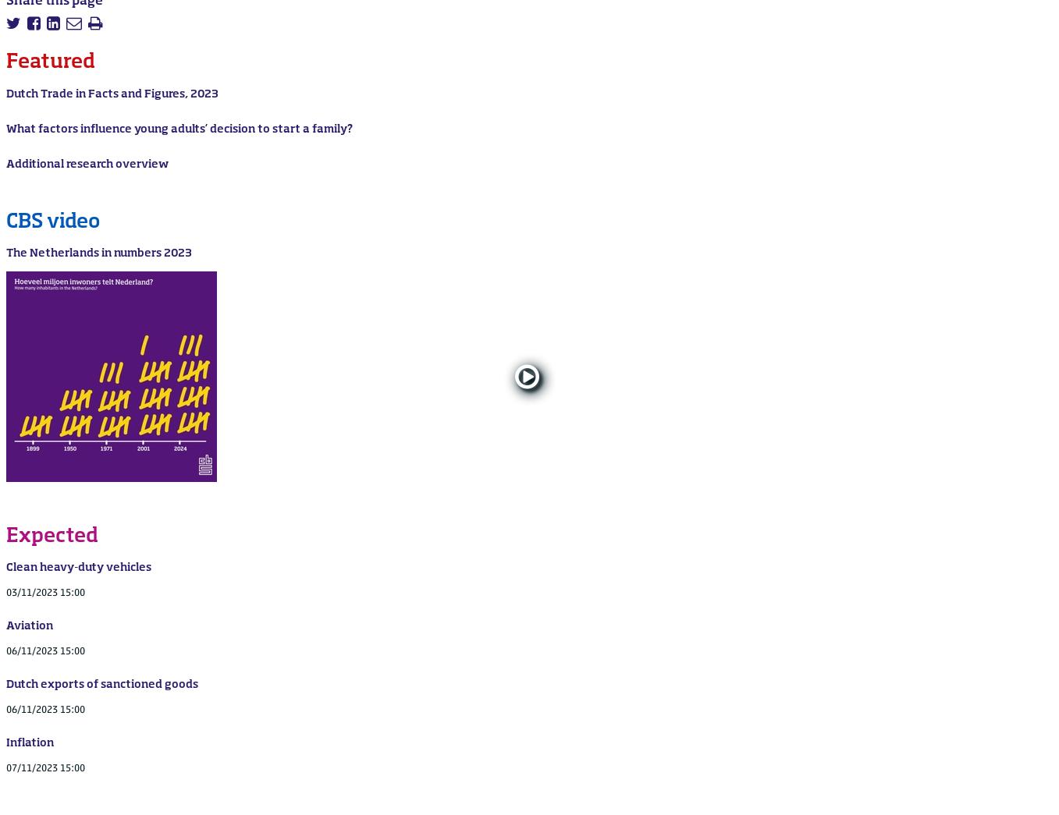 This screenshot has height=815, width=1059. Describe the element at coordinates (5, 683) in the screenshot. I see `'Dutch exports of sanctioned goods'` at that location.